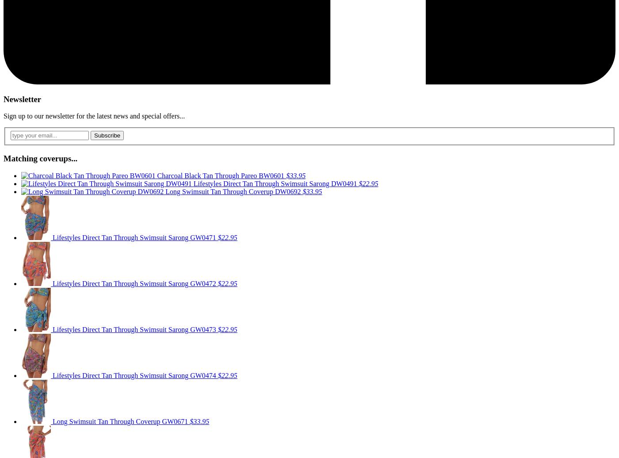 Image resolution: width=619 pixels, height=458 pixels. Describe the element at coordinates (22, 98) in the screenshot. I see `'Newsletter'` at that location.